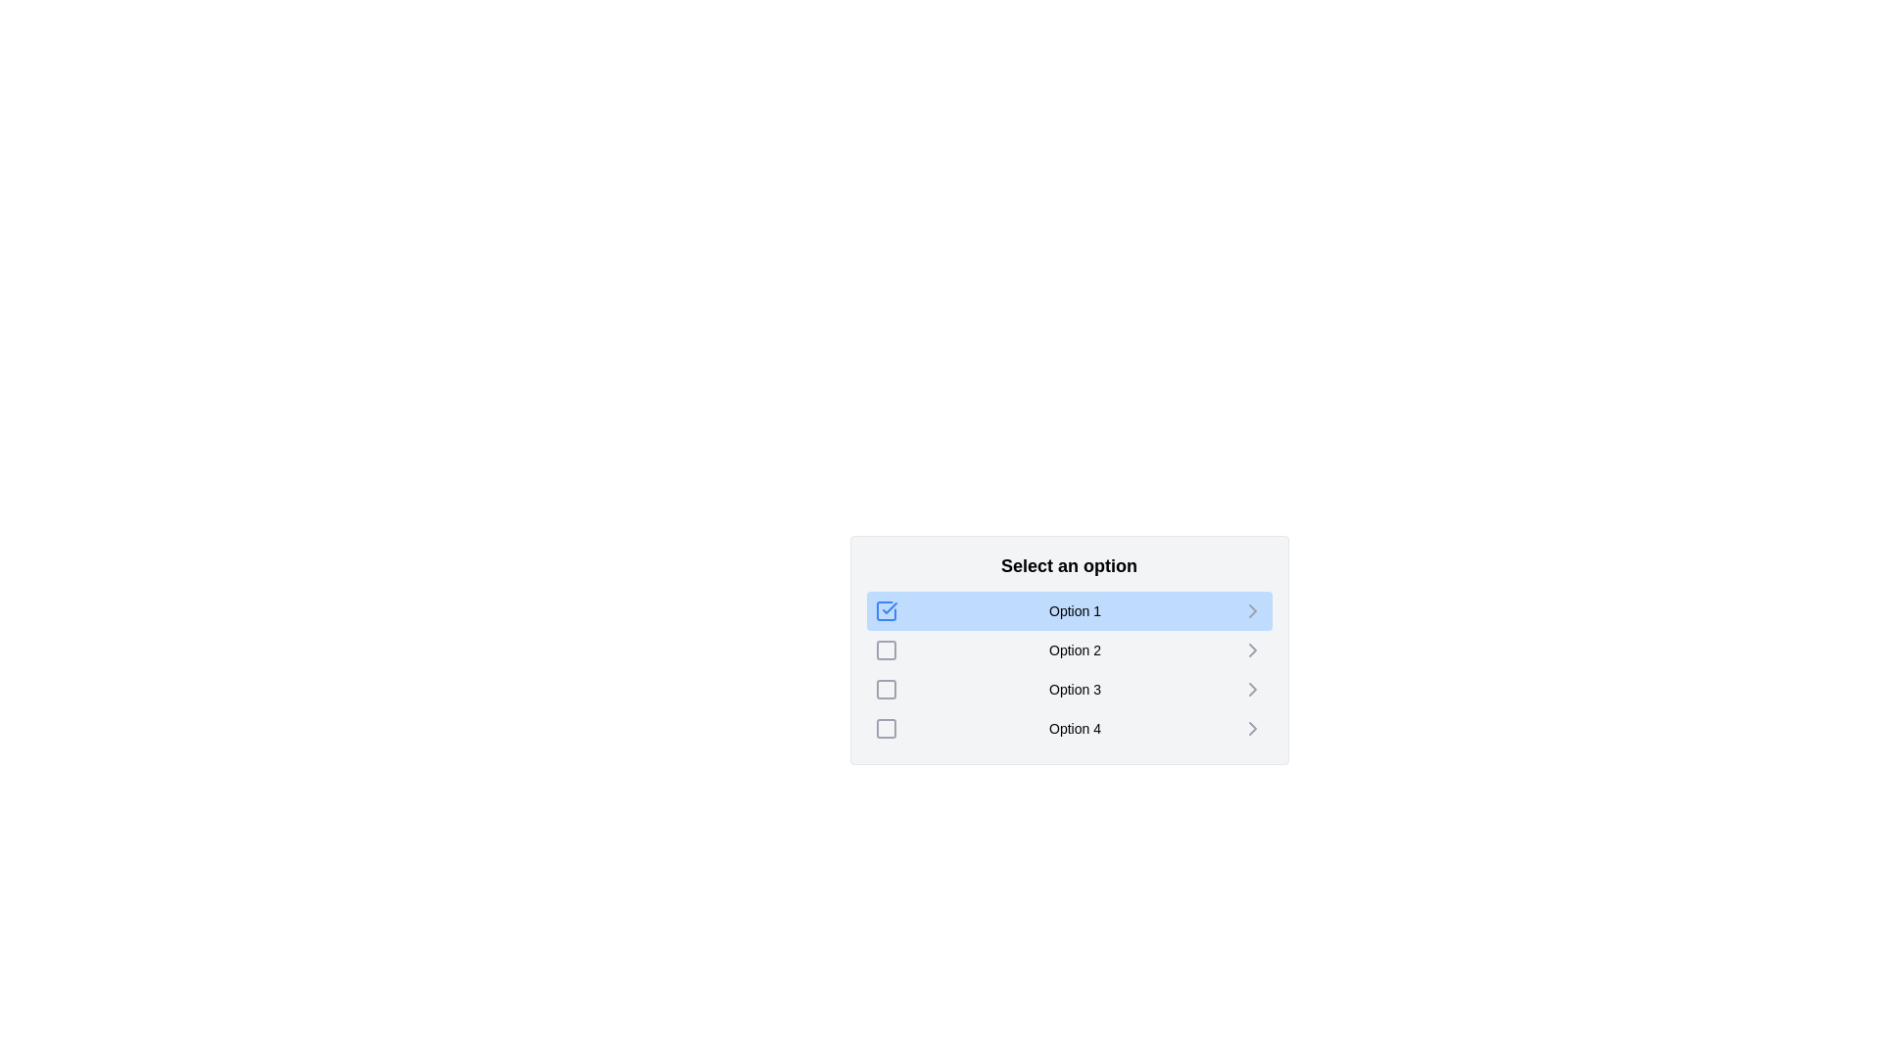 The width and height of the screenshot is (1881, 1058). Describe the element at coordinates (1068, 689) in the screenshot. I see `the menu option labeled 'Option 3'` at that location.